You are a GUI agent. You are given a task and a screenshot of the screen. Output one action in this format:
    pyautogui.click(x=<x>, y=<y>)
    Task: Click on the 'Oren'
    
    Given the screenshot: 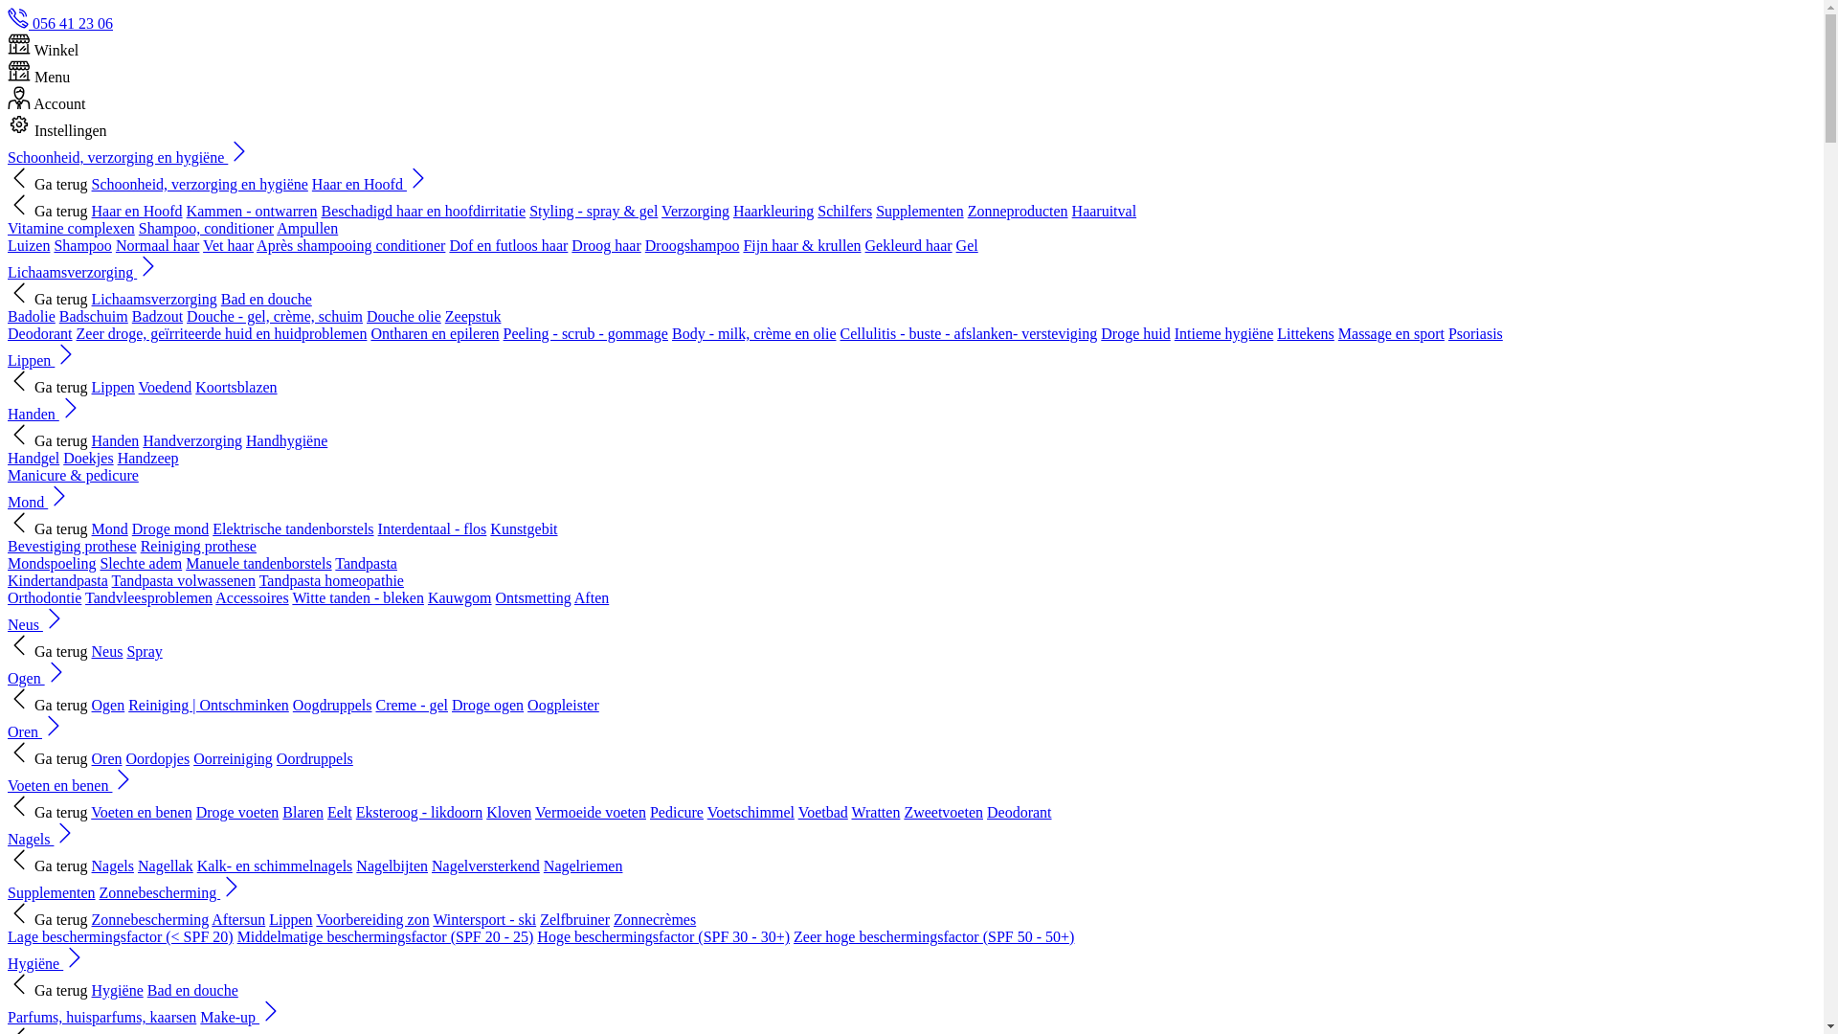 What is the action you would take?
    pyautogui.click(x=36, y=731)
    